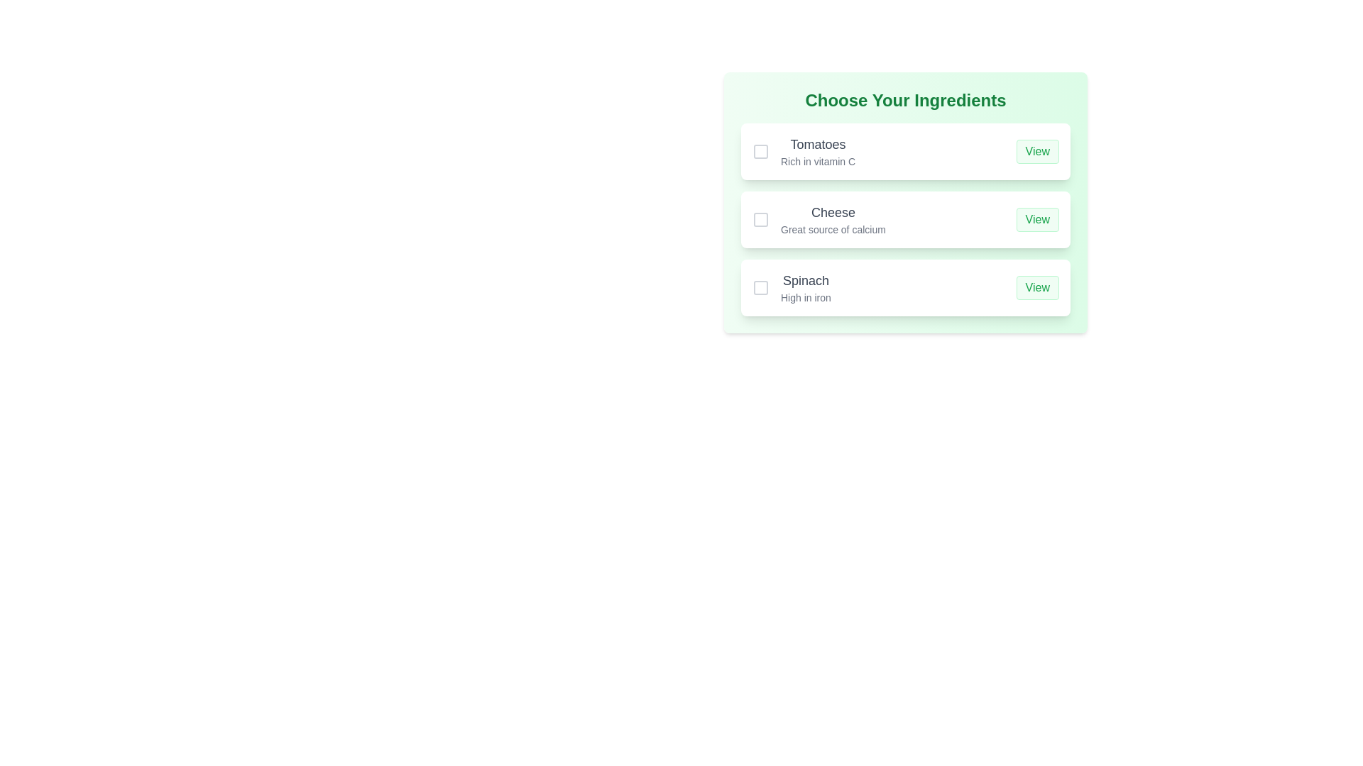 The height and width of the screenshot is (766, 1363). Describe the element at coordinates (833, 229) in the screenshot. I see `static text label that reads 'Great source of calcium', which is positioned beneath the 'Cheese' label in the 'Choose Your Ingredients' section` at that location.